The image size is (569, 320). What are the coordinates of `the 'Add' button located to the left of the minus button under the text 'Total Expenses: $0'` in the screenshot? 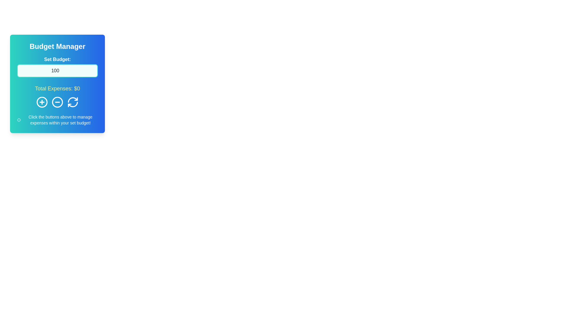 It's located at (42, 102).